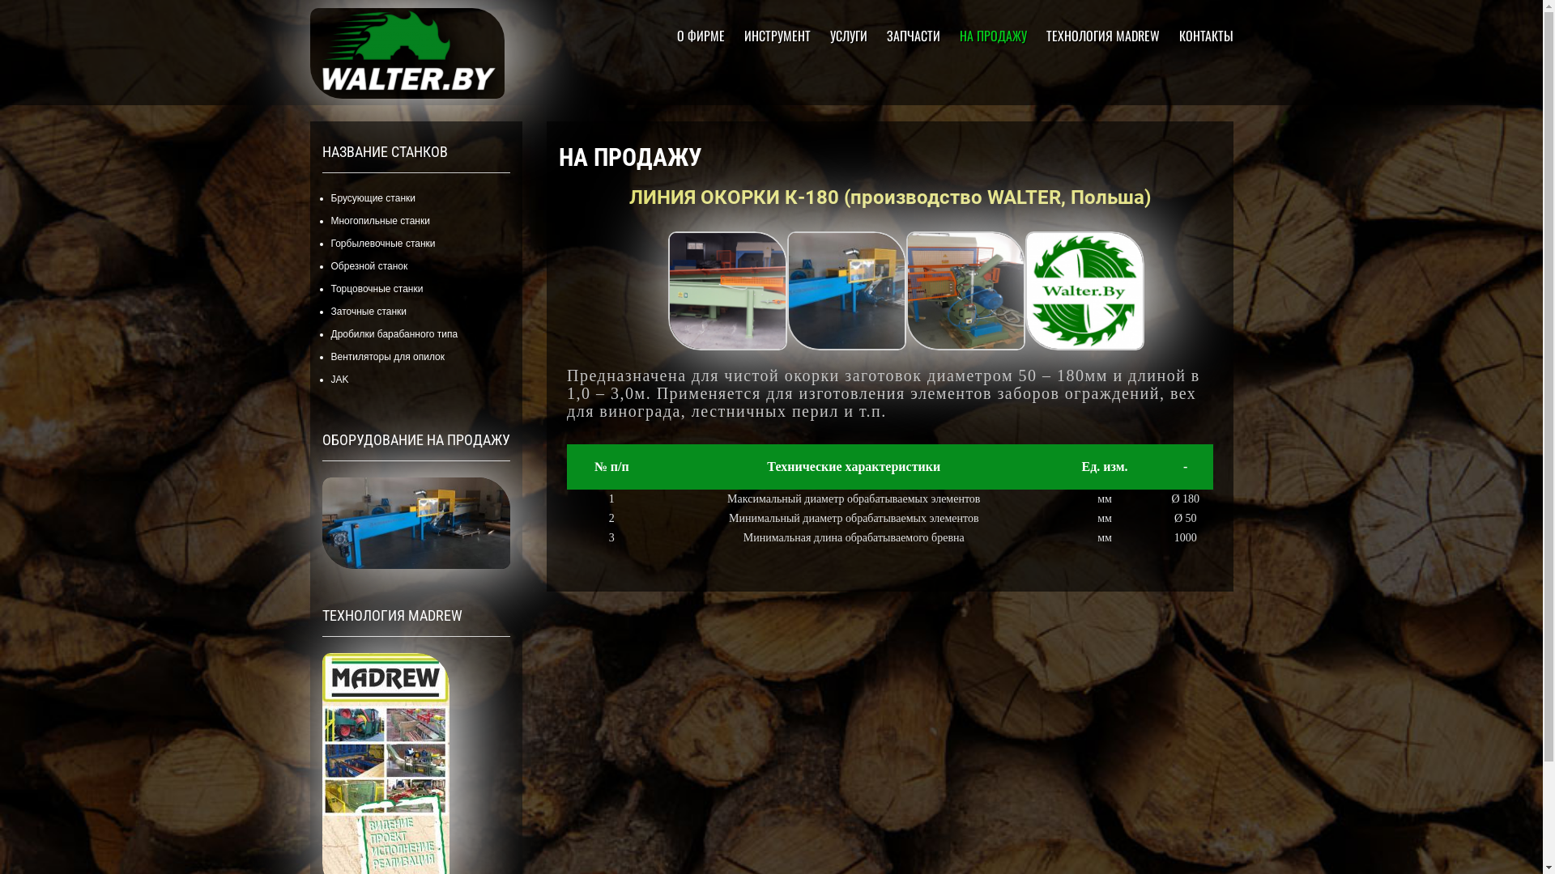 This screenshot has height=874, width=1555. What do you see at coordinates (338, 380) in the screenshot?
I see `'JAK'` at bounding box center [338, 380].